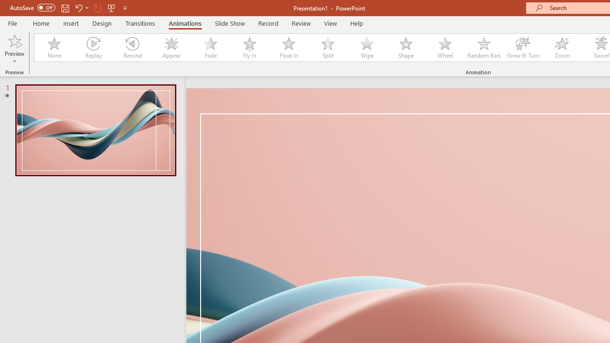  Describe the element at coordinates (288, 48) in the screenshot. I see `'Float In'` at that location.